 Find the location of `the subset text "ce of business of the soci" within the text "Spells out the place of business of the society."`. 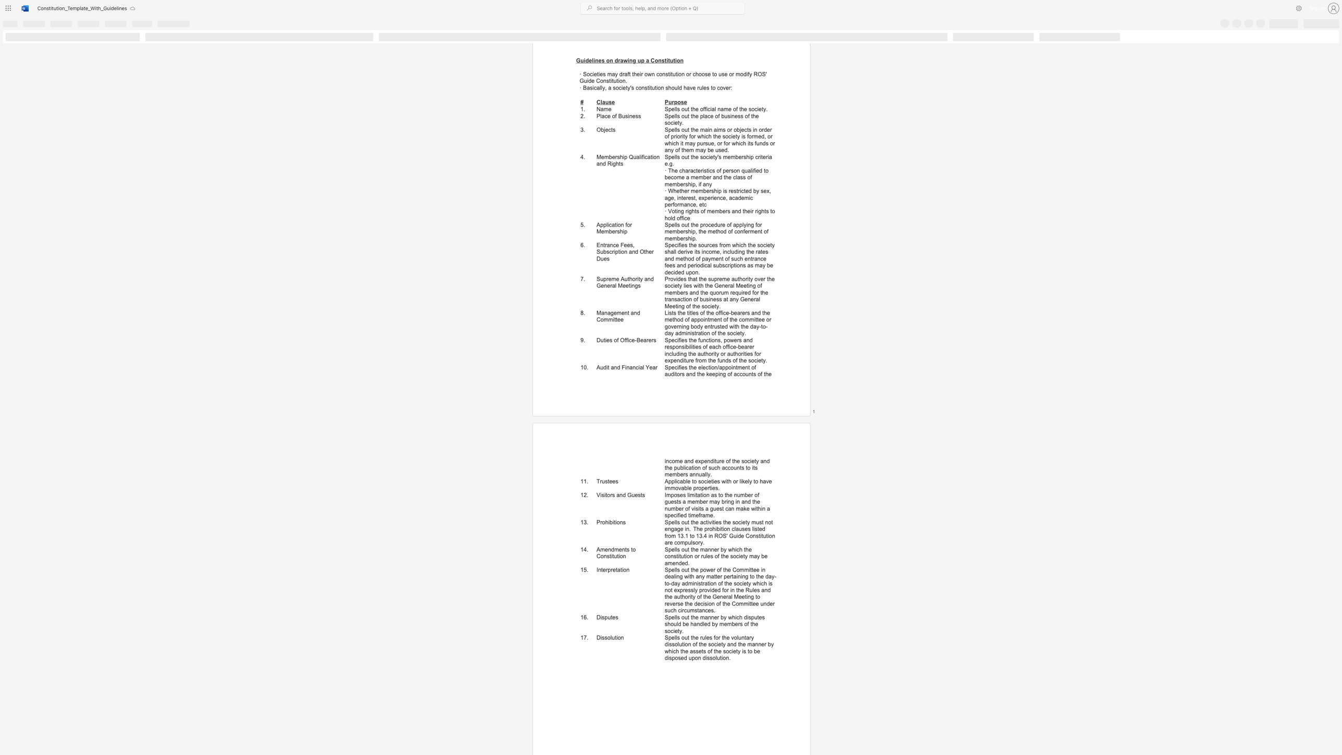

the subset text "ce of business of the soci" within the text "Spells out the place of business of the society." is located at coordinates (707, 116).